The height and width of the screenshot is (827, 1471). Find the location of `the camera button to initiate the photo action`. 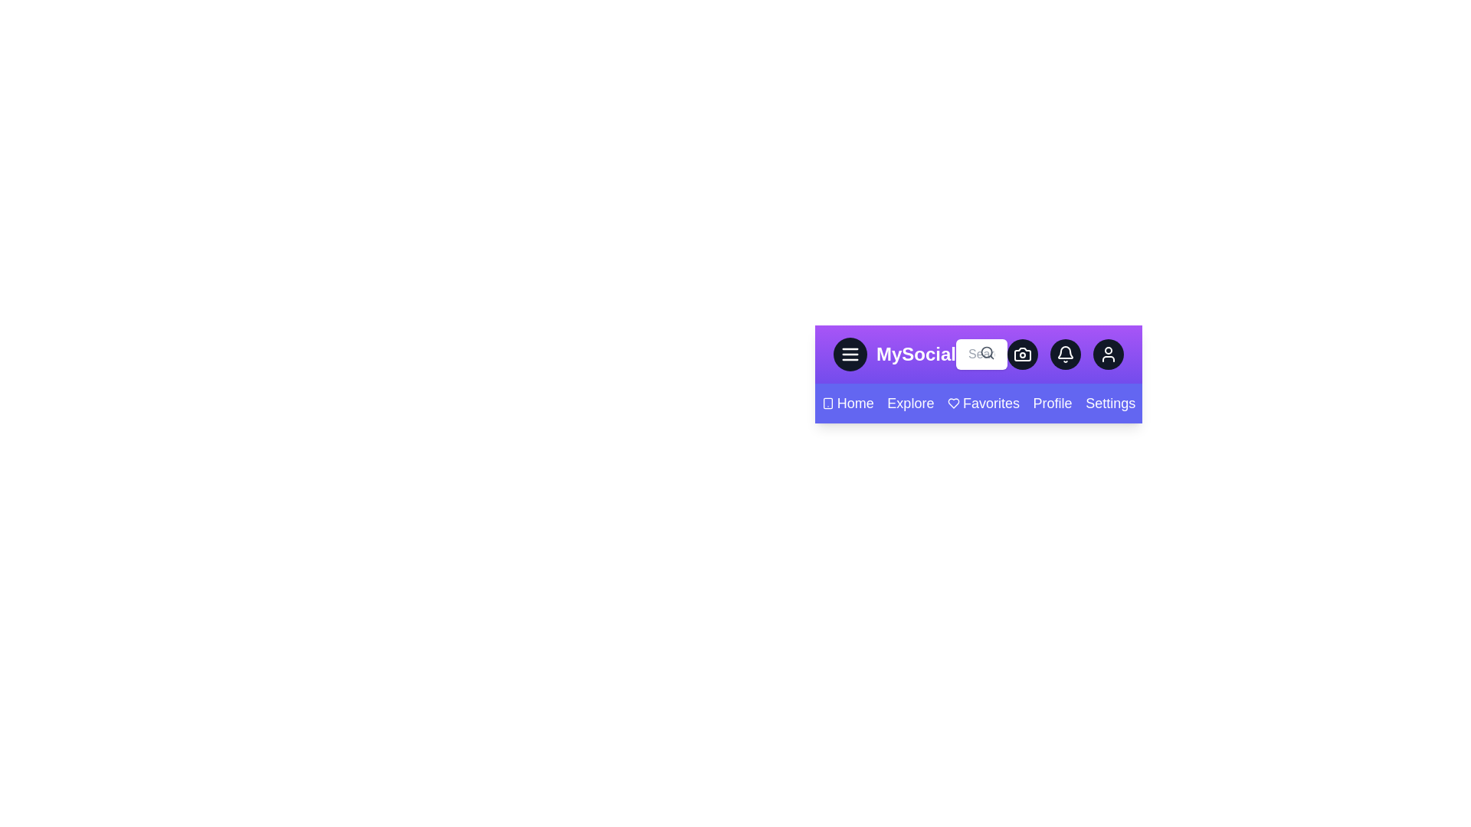

the camera button to initiate the photo action is located at coordinates (1022, 354).